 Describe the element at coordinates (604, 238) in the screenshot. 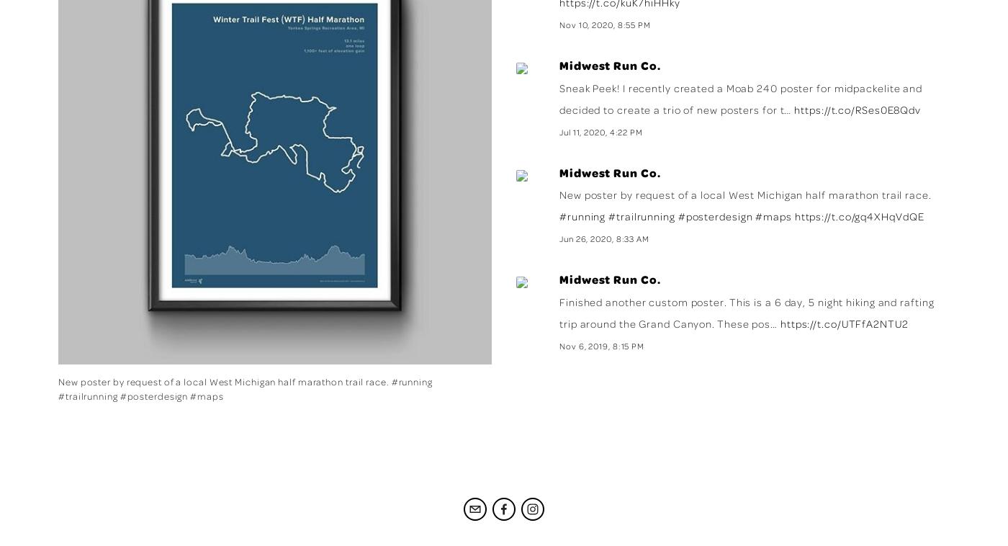

I see `'Jun 26, 2020, 8:33 AM'` at that location.